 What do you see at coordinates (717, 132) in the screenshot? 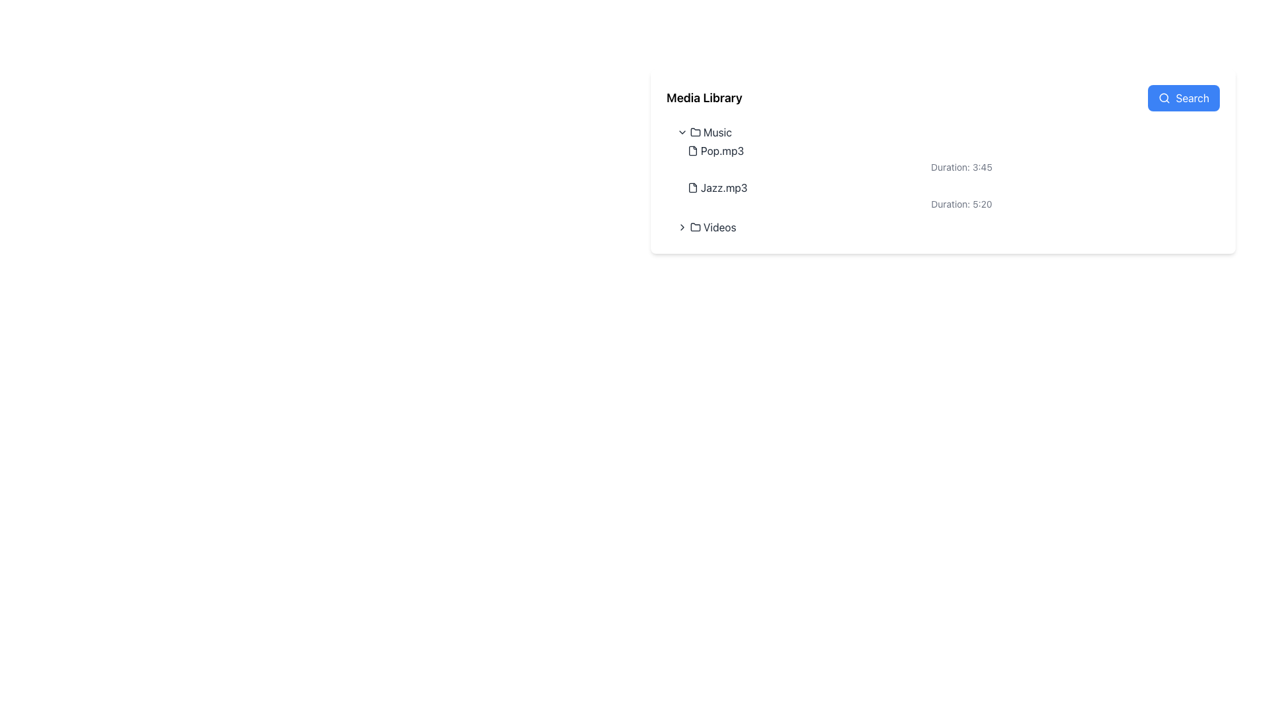
I see `the 'Music' text label in the Media Library section` at bounding box center [717, 132].